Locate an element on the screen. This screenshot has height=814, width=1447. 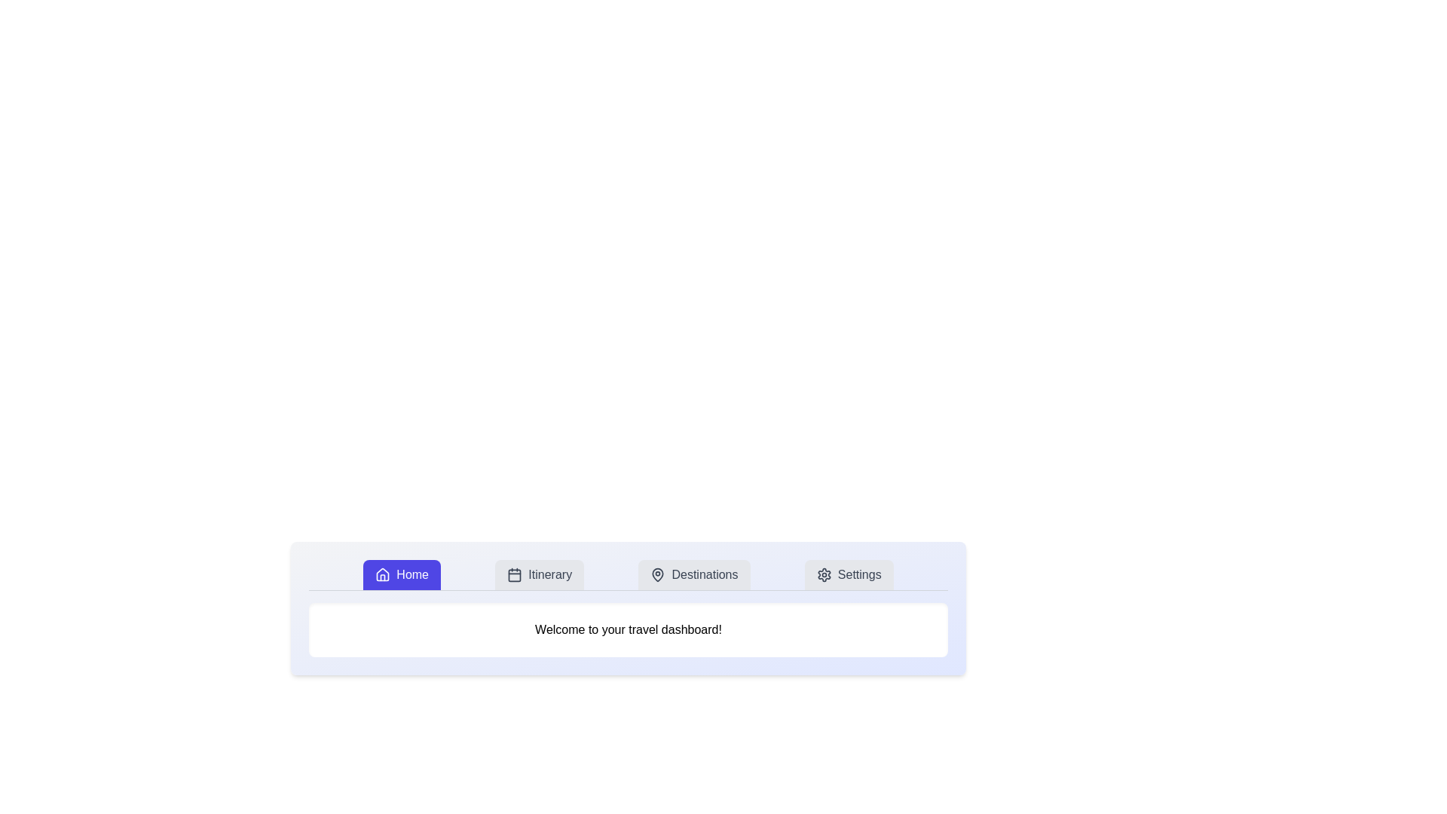
the text display element that shows 'Welcome to your travel dashboard!' which is centered below the navigation bar is located at coordinates (629, 630).